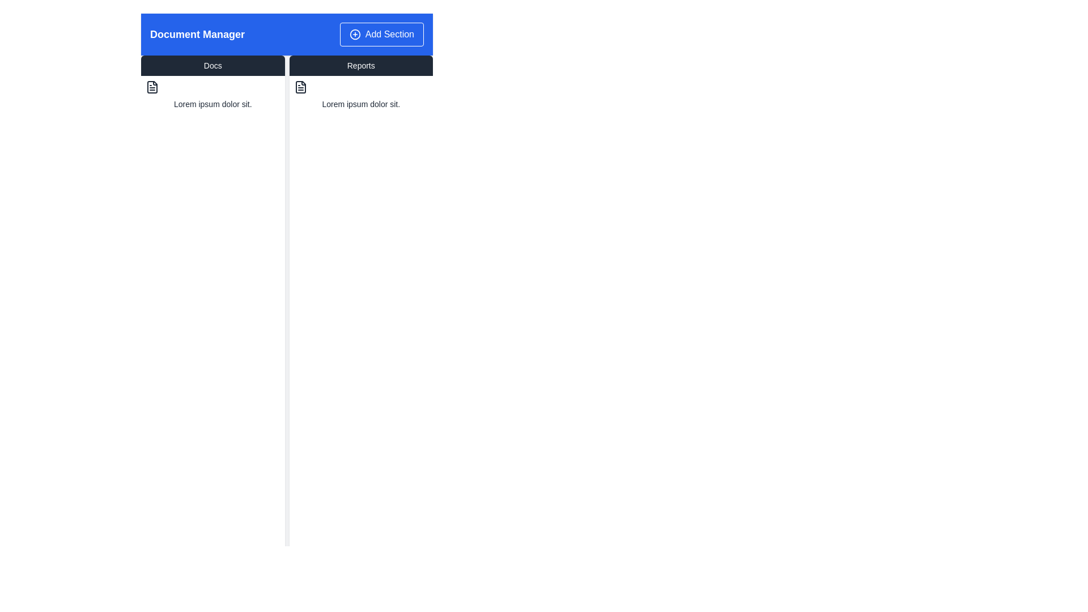 Image resolution: width=1088 pixels, height=612 pixels. What do you see at coordinates (360, 65) in the screenshot?
I see `the 'Reports' button, which is the second tab in the navigation sequence under the 'Document Manager' header` at bounding box center [360, 65].